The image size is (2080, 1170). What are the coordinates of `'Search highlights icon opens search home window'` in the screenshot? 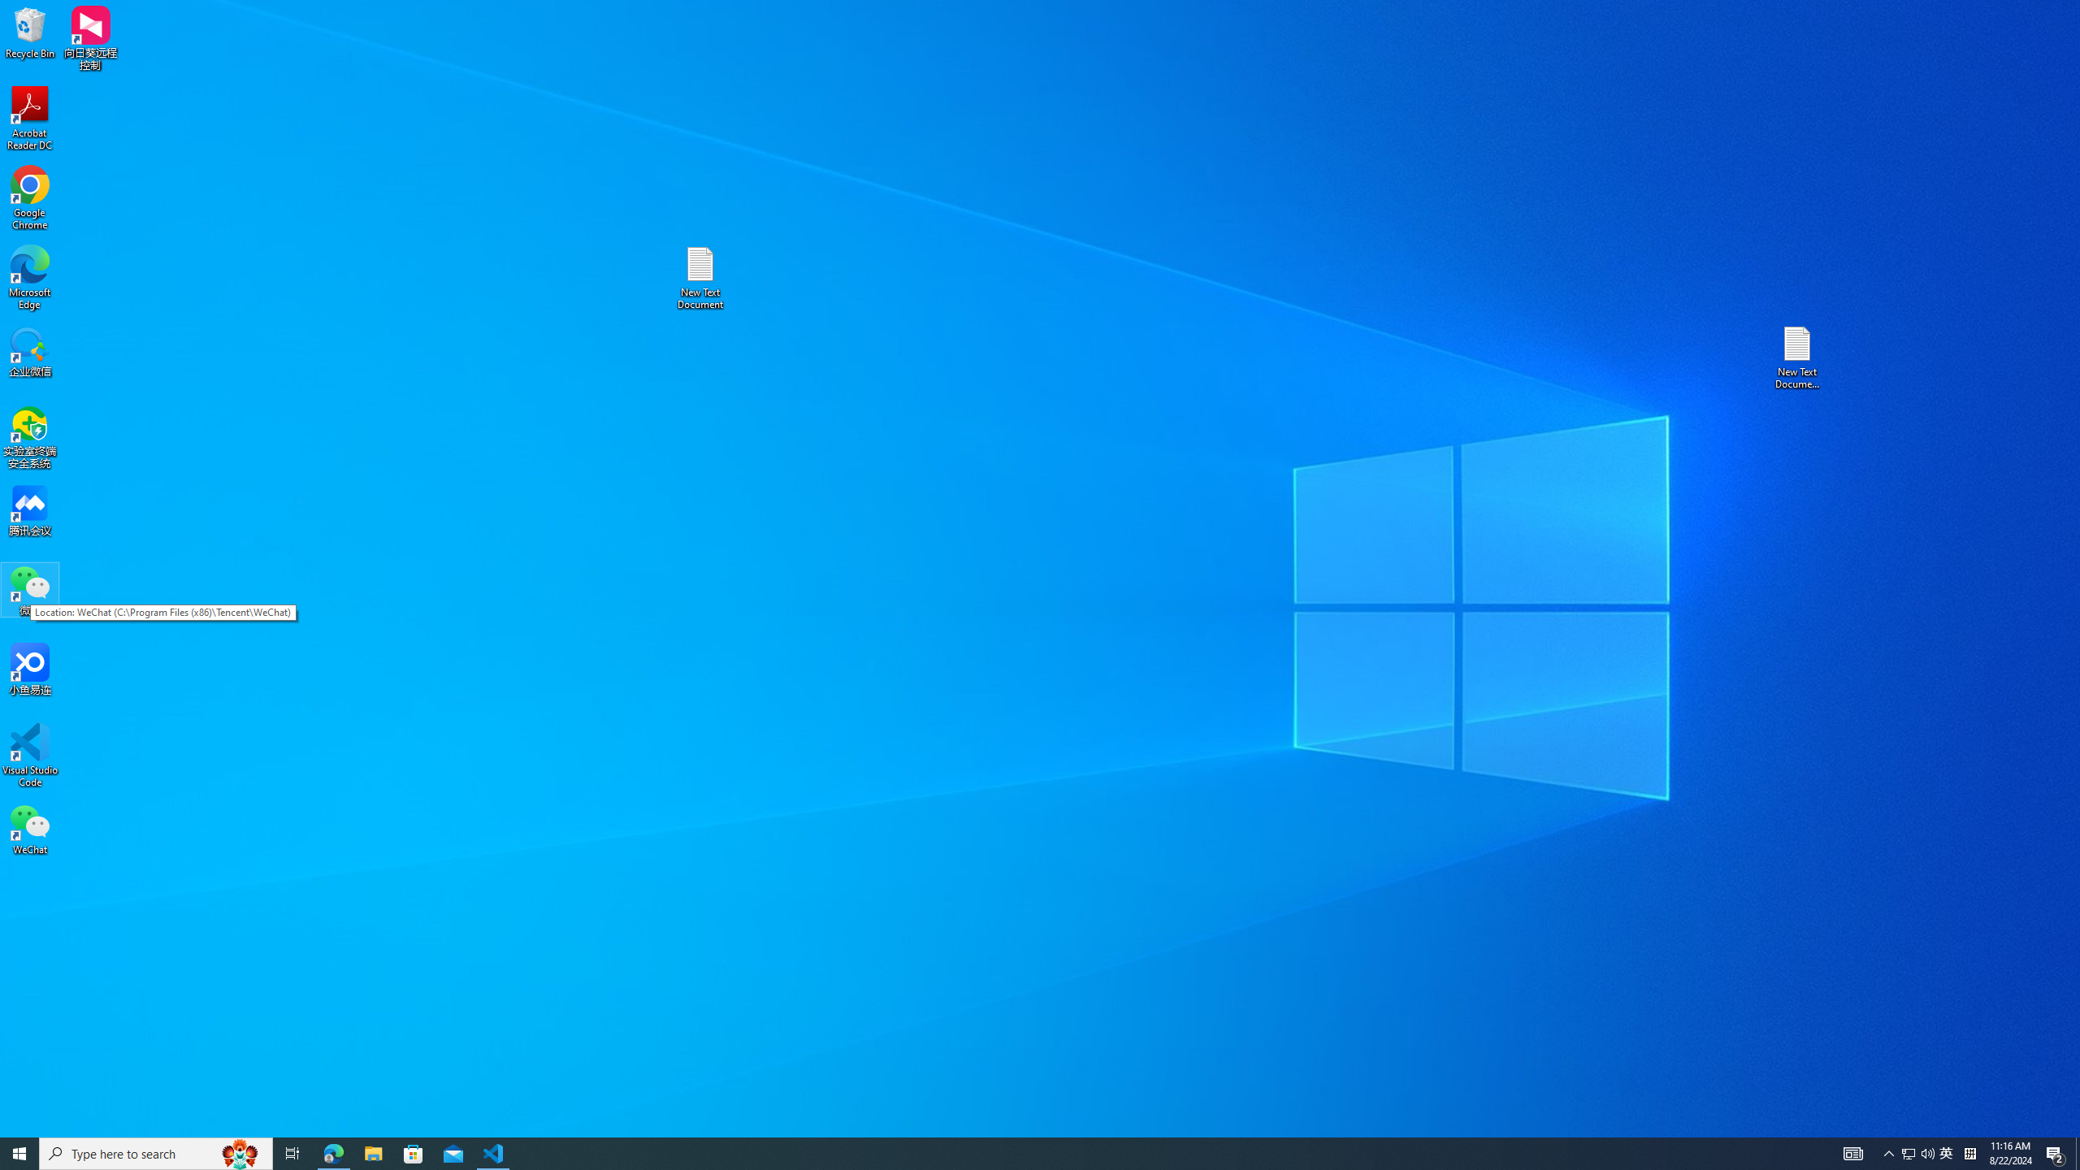 It's located at (239, 1152).